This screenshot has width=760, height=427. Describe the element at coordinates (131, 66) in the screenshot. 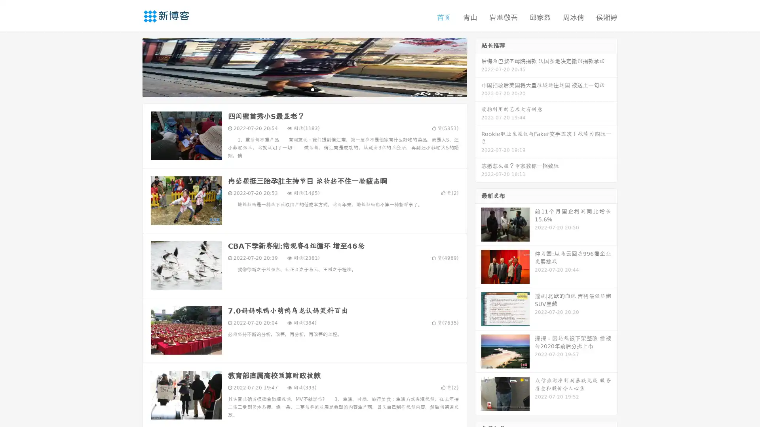

I see `Previous slide` at that location.